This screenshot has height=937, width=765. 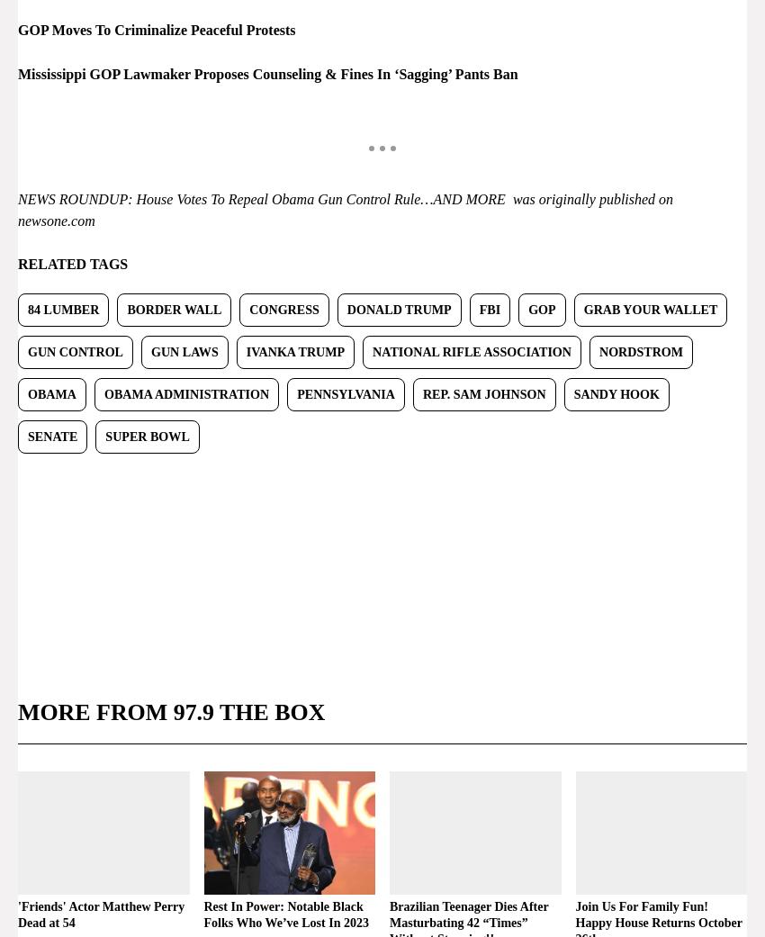 I want to click on 'Rest In Power: Notable Black Folks Who We’ve Lost In 2023', so click(x=203, y=914).